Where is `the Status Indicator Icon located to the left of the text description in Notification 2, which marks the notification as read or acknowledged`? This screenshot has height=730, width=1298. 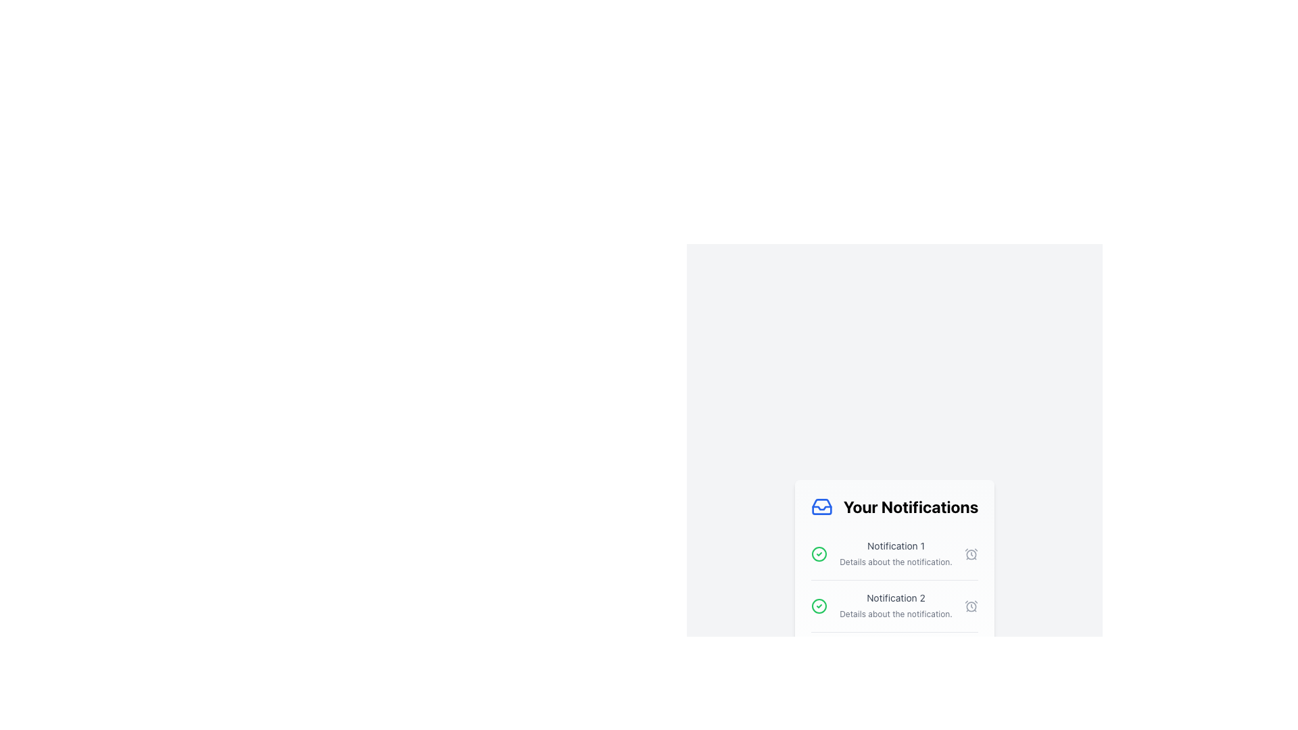 the Status Indicator Icon located to the left of the text description in Notification 2, which marks the notification as read or acknowledged is located at coordinates (818, 606).